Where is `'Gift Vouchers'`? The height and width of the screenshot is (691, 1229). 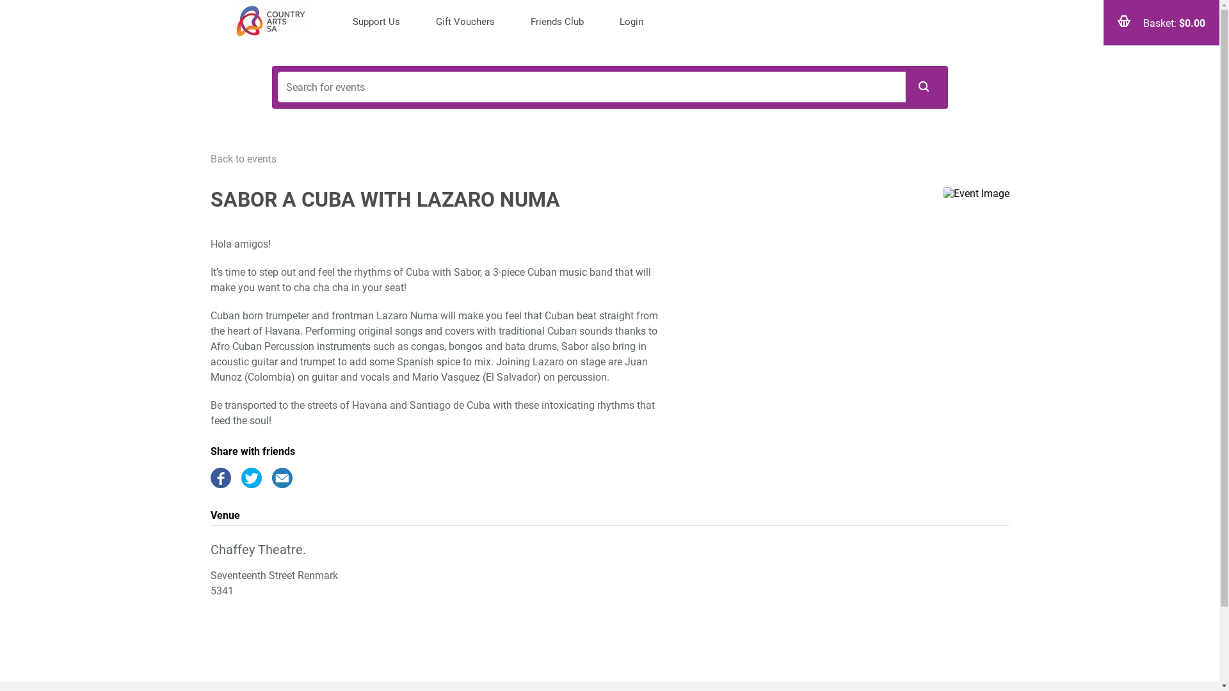
'Gift Vouchers' is located at coordinates (463, 22).